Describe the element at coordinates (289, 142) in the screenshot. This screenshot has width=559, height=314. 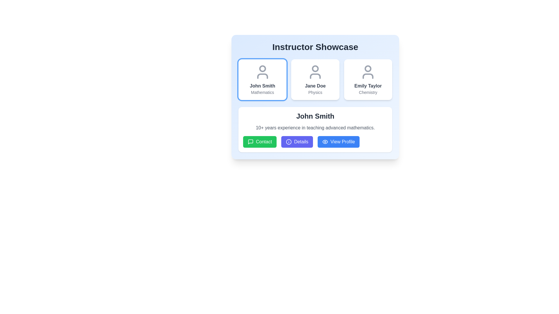
I see `the circular icon with a dark outline and an 'i' symbol located in the left section of the Details button at the bottom center of the interface` at that location.